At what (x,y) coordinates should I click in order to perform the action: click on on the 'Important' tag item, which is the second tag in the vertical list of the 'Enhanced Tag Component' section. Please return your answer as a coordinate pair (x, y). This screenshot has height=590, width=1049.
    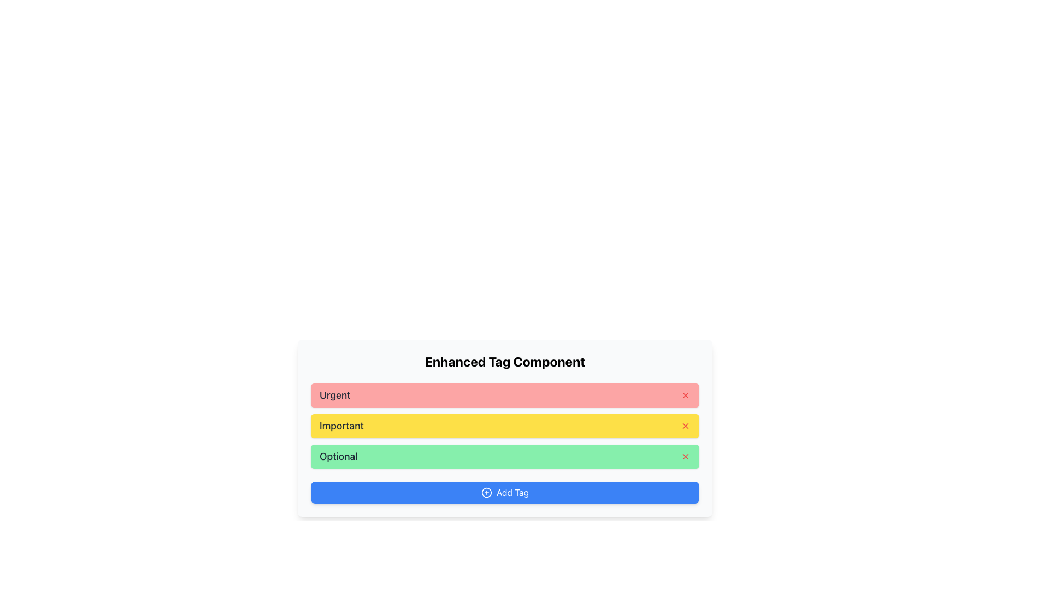
    Looking at the image, I should click on (504, 425).